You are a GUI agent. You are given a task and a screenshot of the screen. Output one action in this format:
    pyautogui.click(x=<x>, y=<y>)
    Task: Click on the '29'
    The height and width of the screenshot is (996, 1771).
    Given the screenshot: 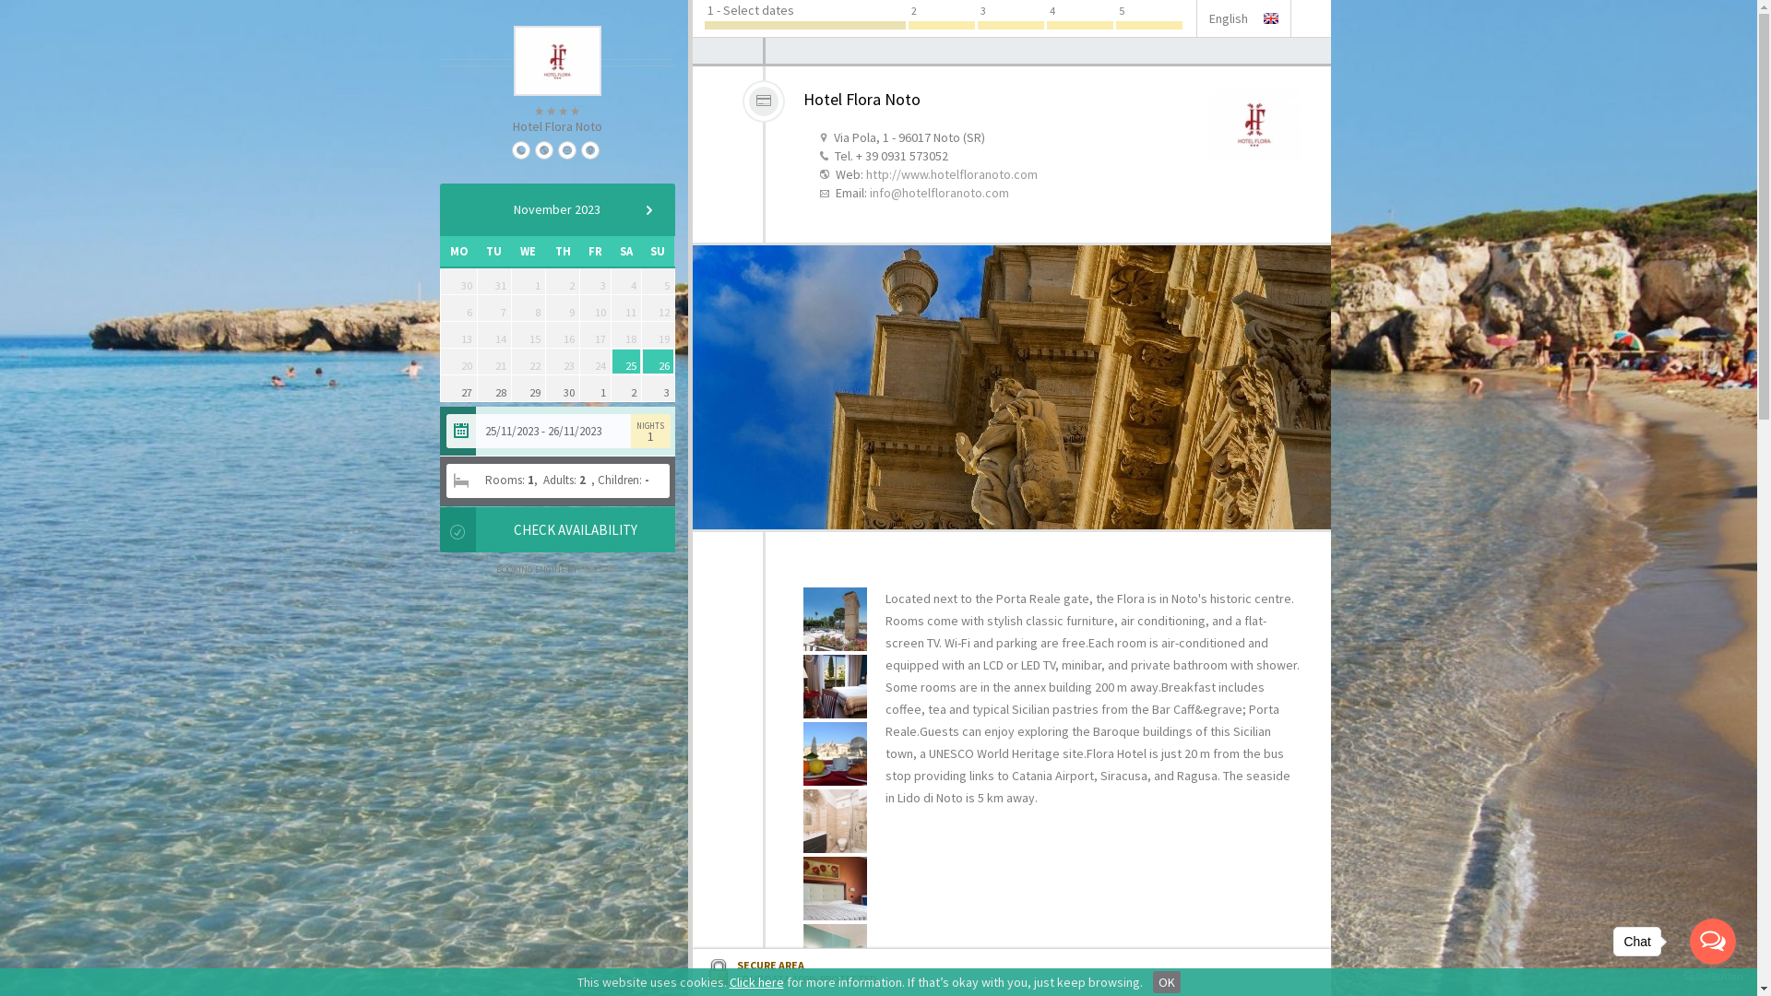 What is the action you would take?
    pyautogui.click(x=527, y=386)
    